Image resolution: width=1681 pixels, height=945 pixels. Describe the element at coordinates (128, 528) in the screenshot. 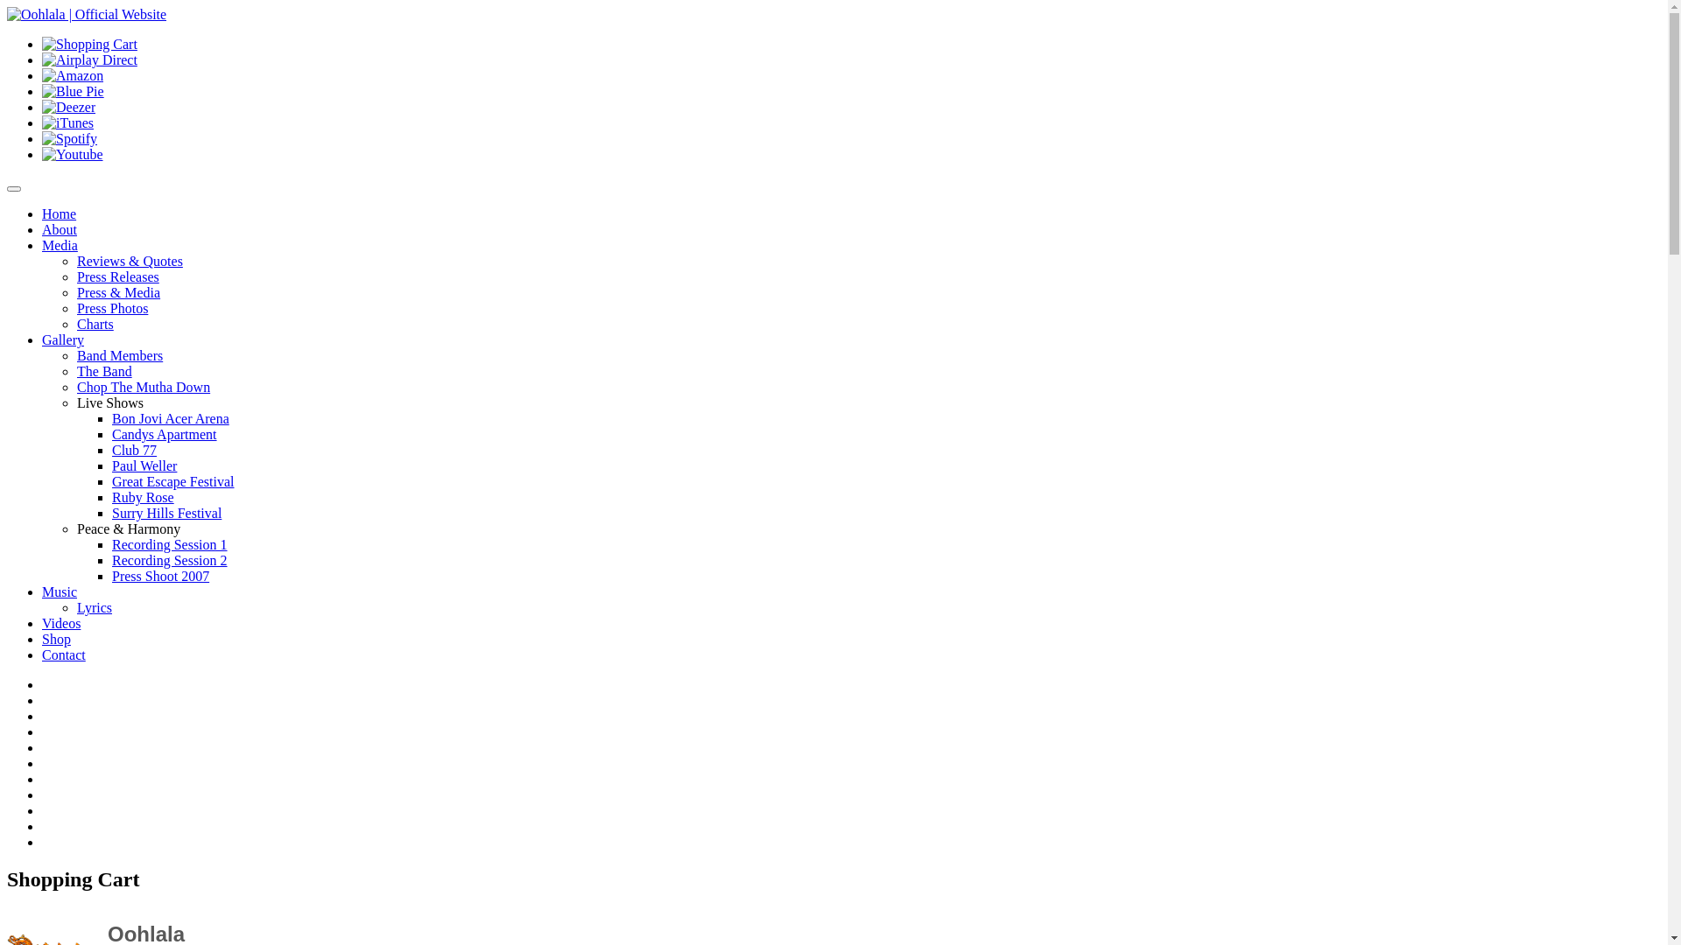

I see `'Peace & Harmony'` at that location.